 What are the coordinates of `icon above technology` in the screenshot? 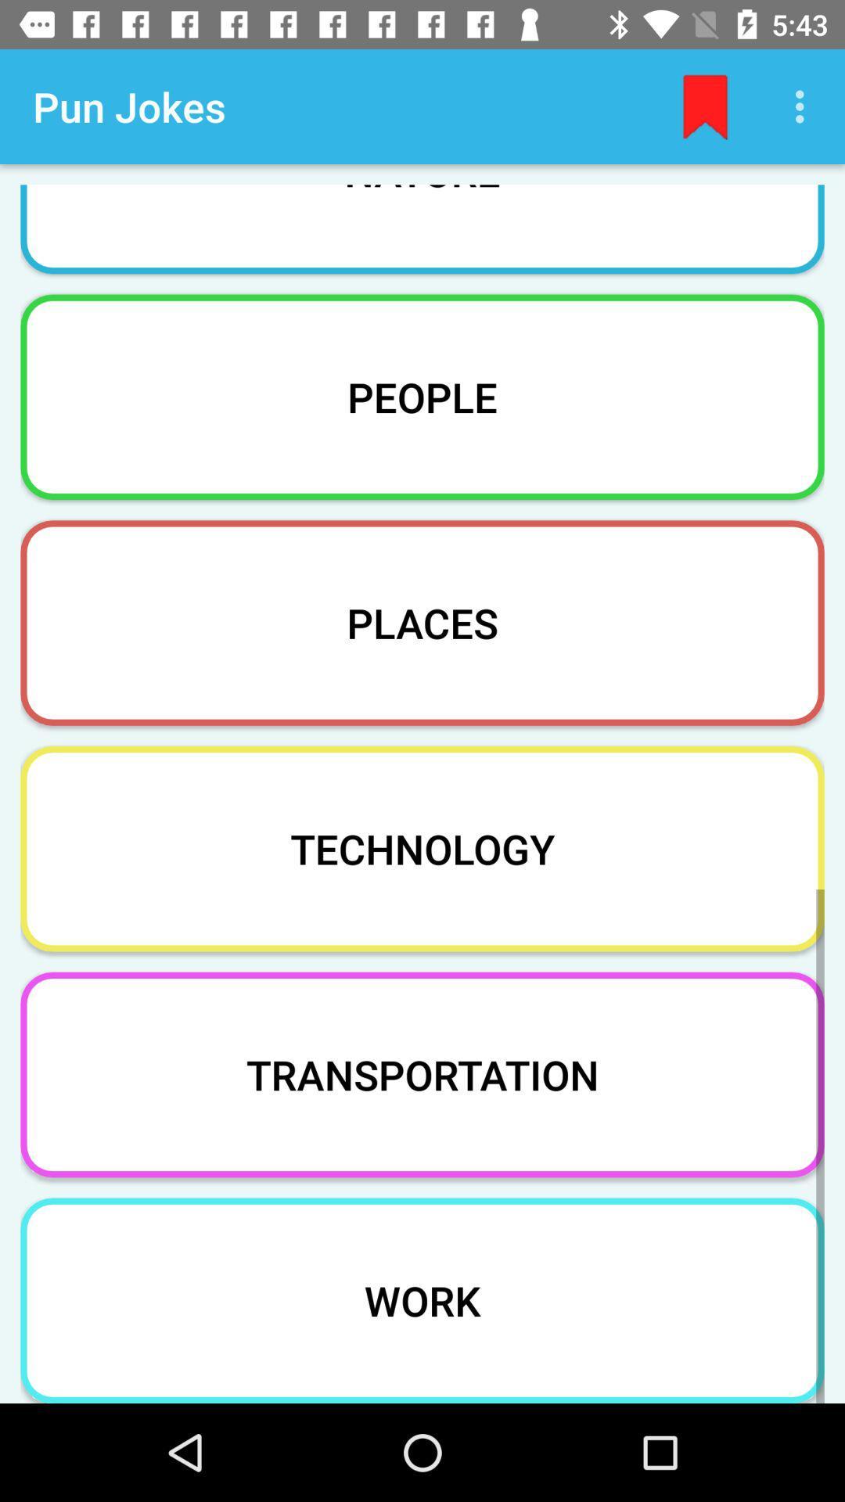 It's located at (422, 622).